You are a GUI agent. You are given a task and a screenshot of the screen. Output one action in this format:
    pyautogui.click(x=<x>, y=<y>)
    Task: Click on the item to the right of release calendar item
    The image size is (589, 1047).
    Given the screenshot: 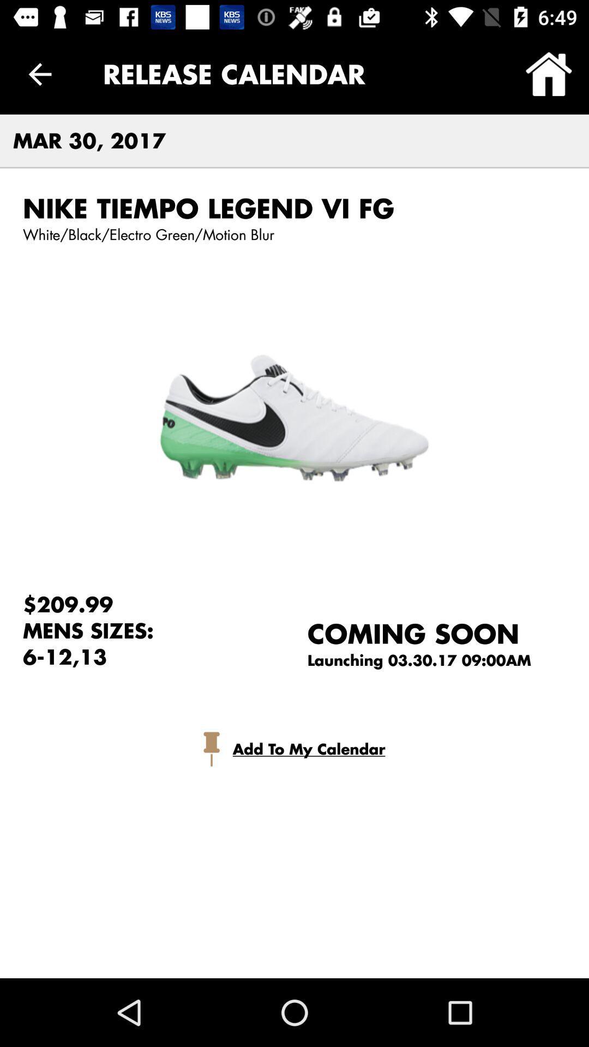 What is the action you would take?
    pyautogui.click(x=549, y=74)
    